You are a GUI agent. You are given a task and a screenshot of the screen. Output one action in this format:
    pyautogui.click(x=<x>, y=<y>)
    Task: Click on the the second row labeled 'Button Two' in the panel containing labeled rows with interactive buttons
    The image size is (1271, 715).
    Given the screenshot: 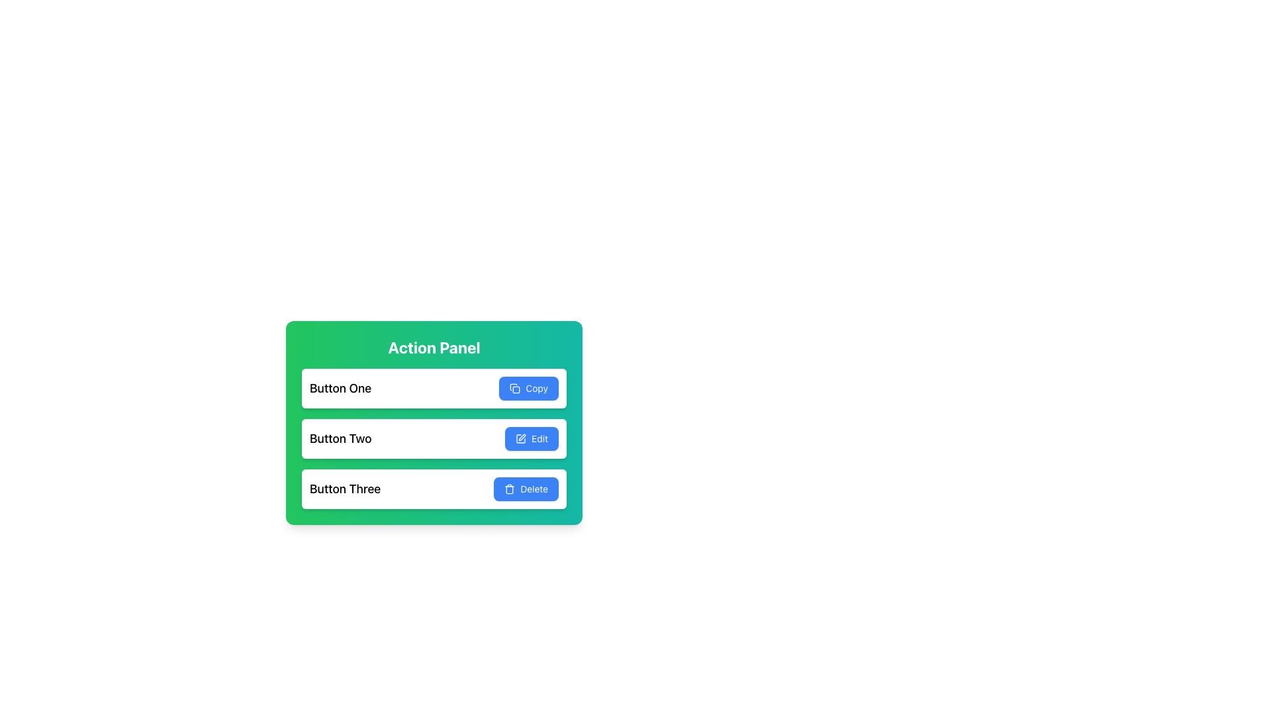 What is the action you would take?
    pyautogui.click(x=434, y=423)
    